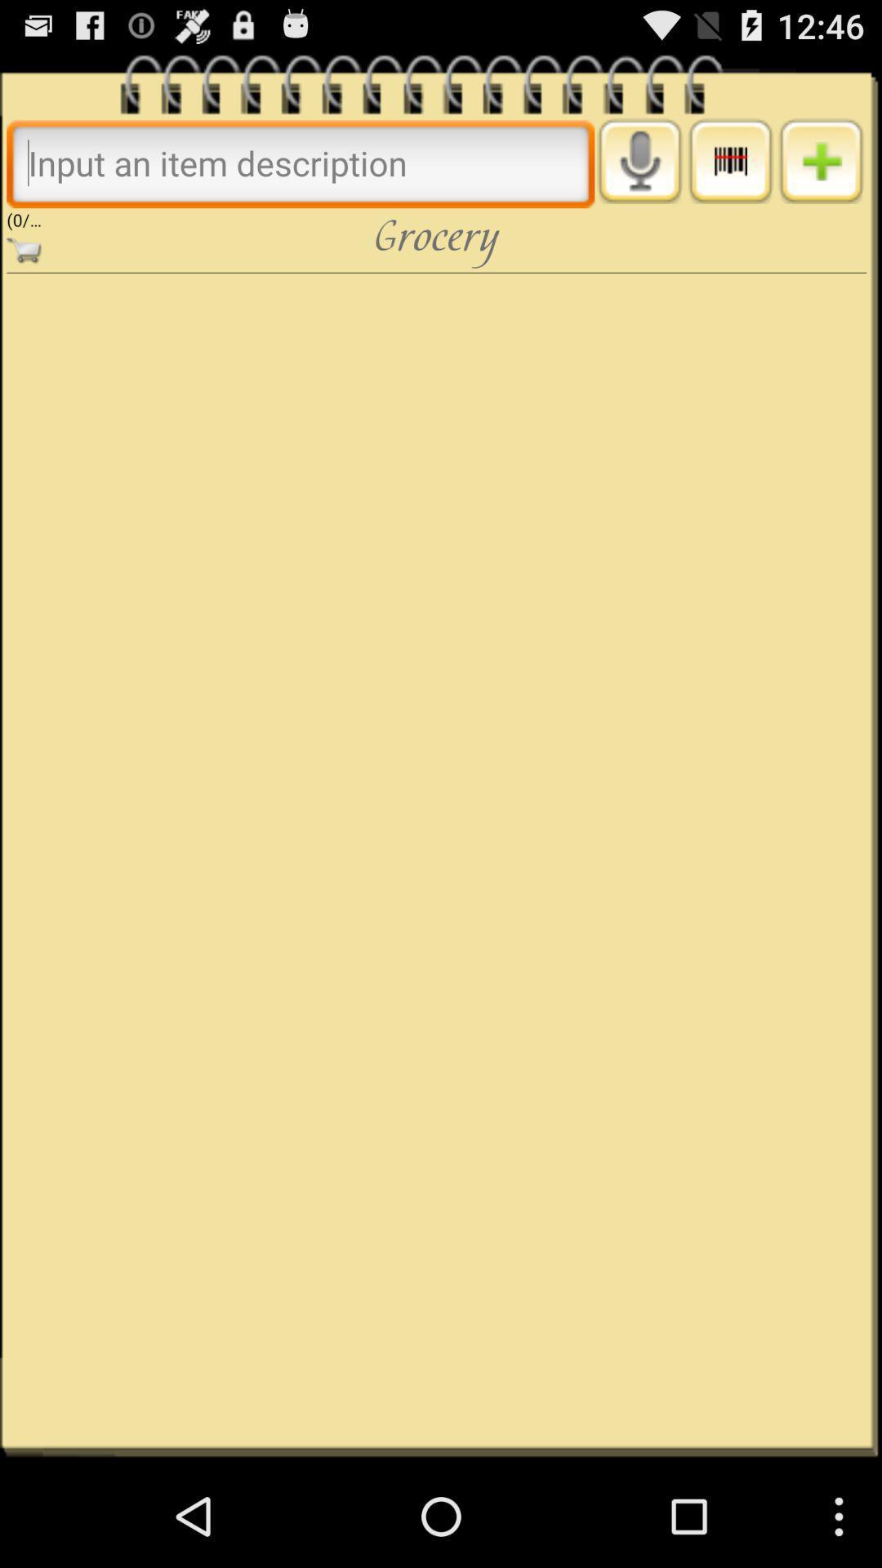 The width and height of the screenshot is (882, 1568). What do you see at coordinates (729, 161) in the screenshot?
I see `more` at bounding box center [729, 161].